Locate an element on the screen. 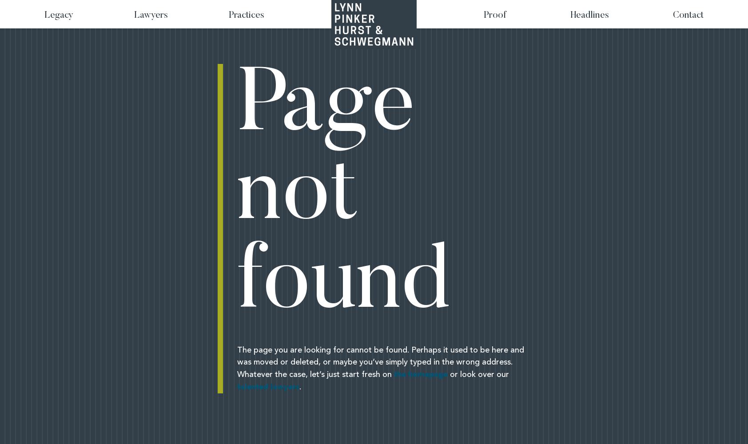 The image size is (748, 444). 'or look over our' is located at coordinates (478, 374).